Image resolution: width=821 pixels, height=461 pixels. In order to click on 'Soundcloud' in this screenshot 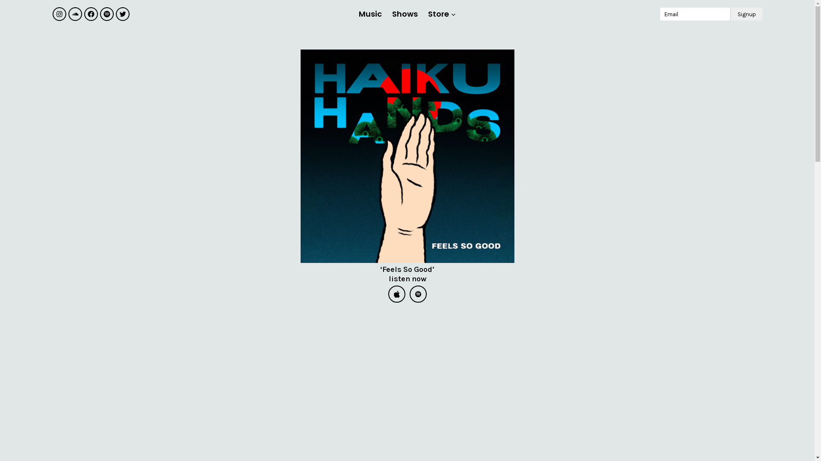, I will do `click(75, 14)`.